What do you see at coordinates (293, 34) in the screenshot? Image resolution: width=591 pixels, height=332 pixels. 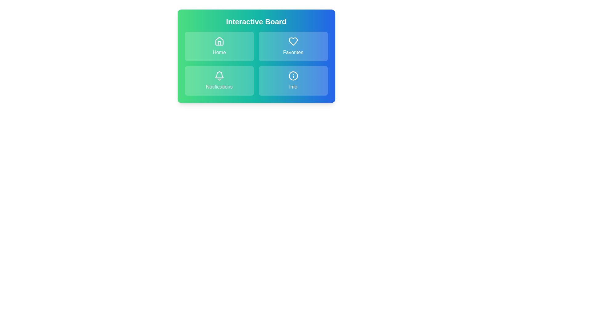 I see `the 'Favorites' button, which is located in the top-center quadrant of the UI` at bounding box center [293, 34].